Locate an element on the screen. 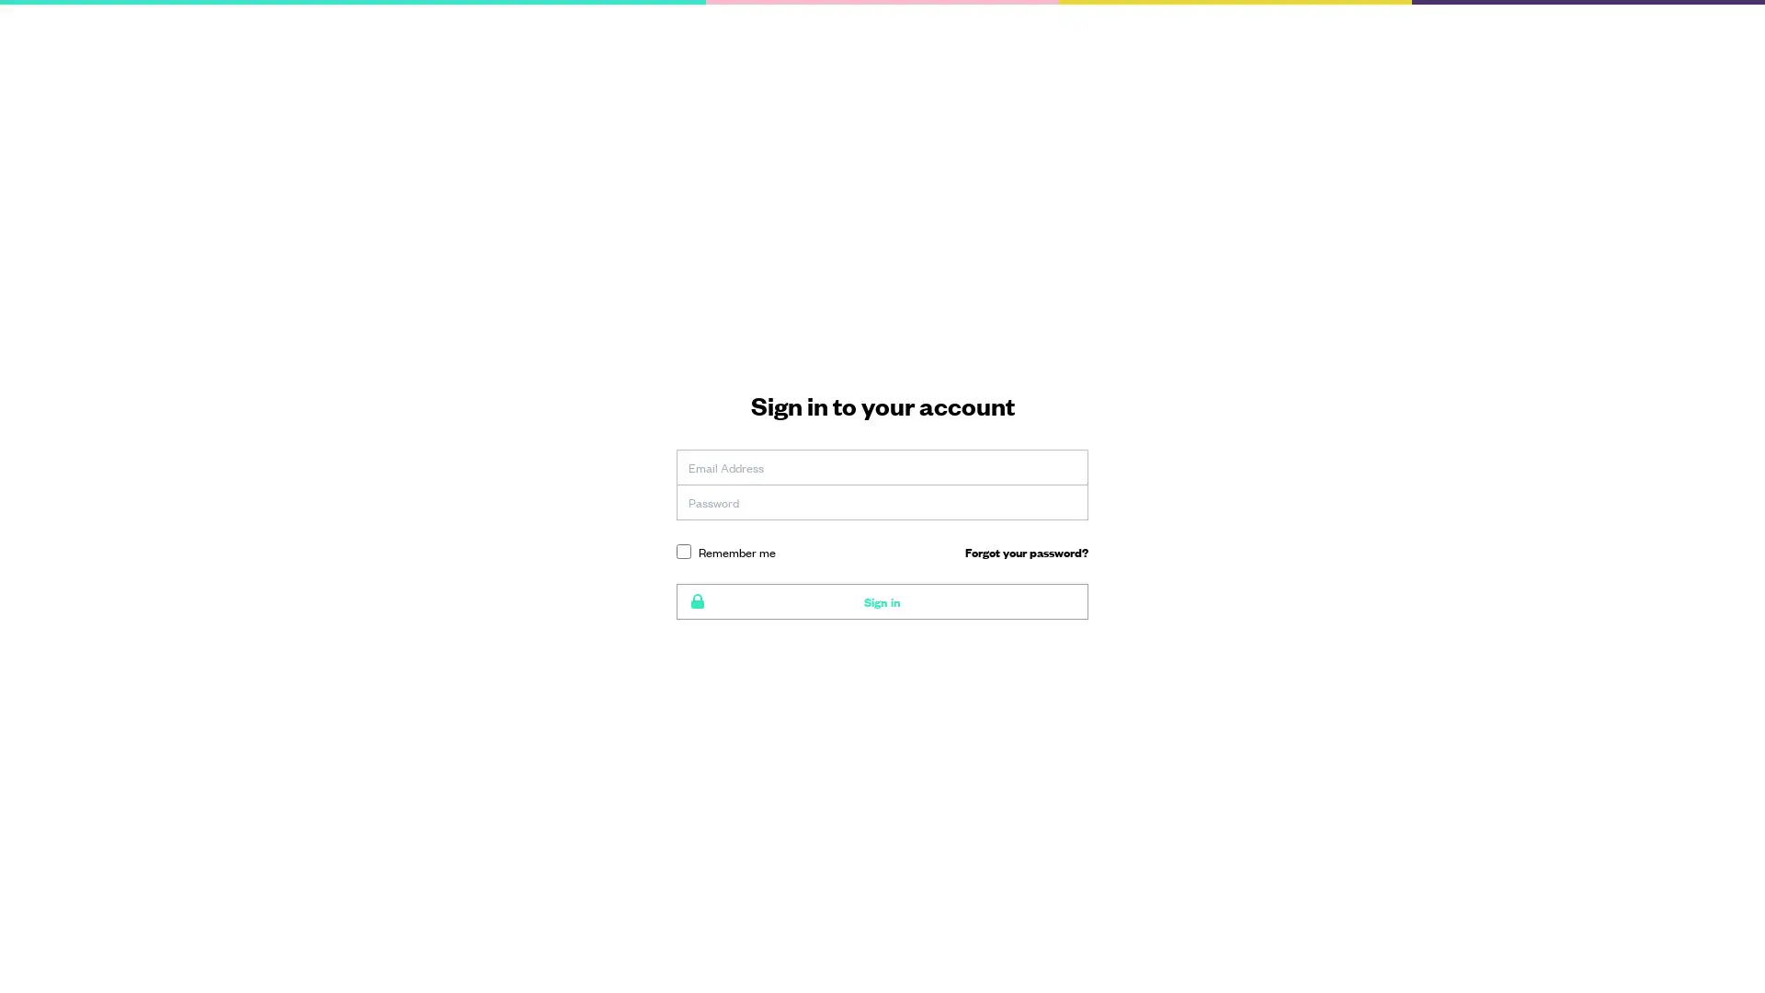 The image size is (1765, 993). Sign in is located at coordinates (882, 600).